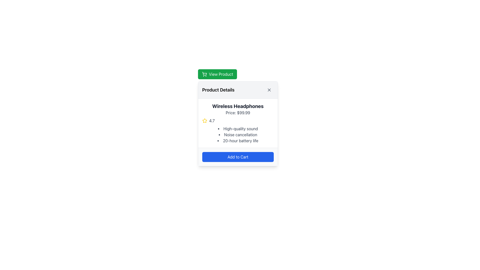  What do you see at coordinates (237, 157) in the screenshot?
I see `the rectangular 'Add to Cart' button with a blue background located at the bottom of the product details card` at bounding box center [237, 157].